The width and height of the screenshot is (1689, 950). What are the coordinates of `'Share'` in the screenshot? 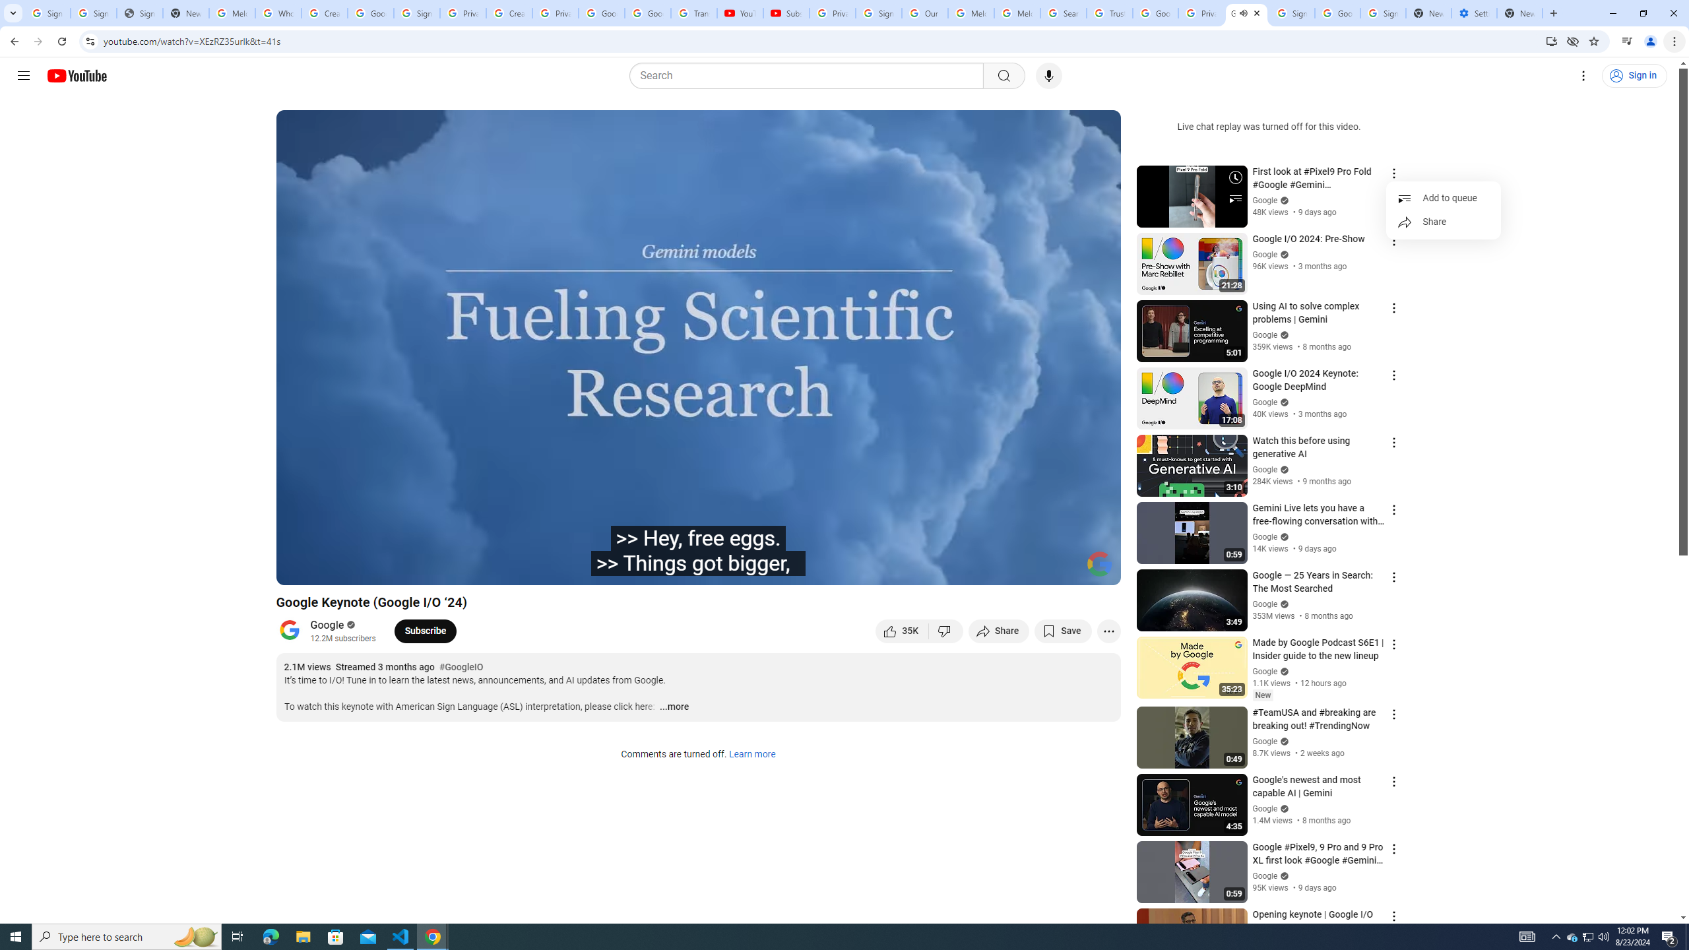 It's located at (1442, 222).